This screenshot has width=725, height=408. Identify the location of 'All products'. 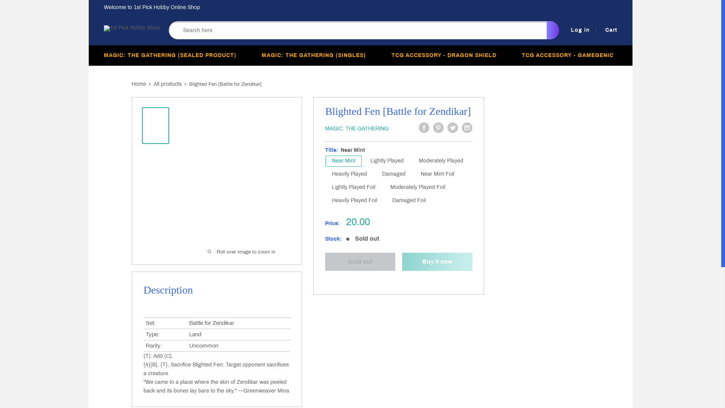
(167, 84).